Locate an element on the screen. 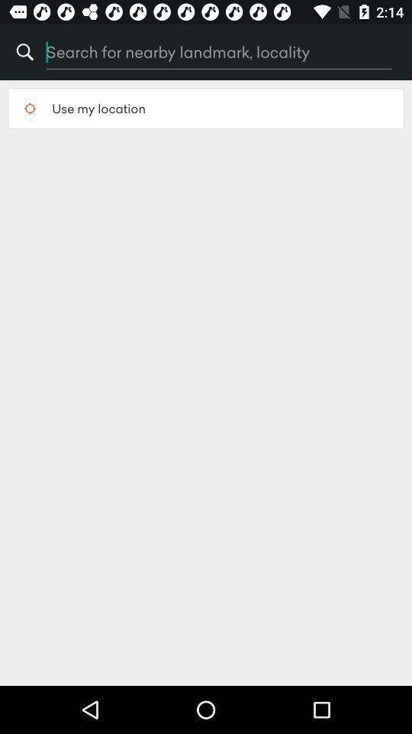  icon next to the % item is located at coordinates (185, 52).